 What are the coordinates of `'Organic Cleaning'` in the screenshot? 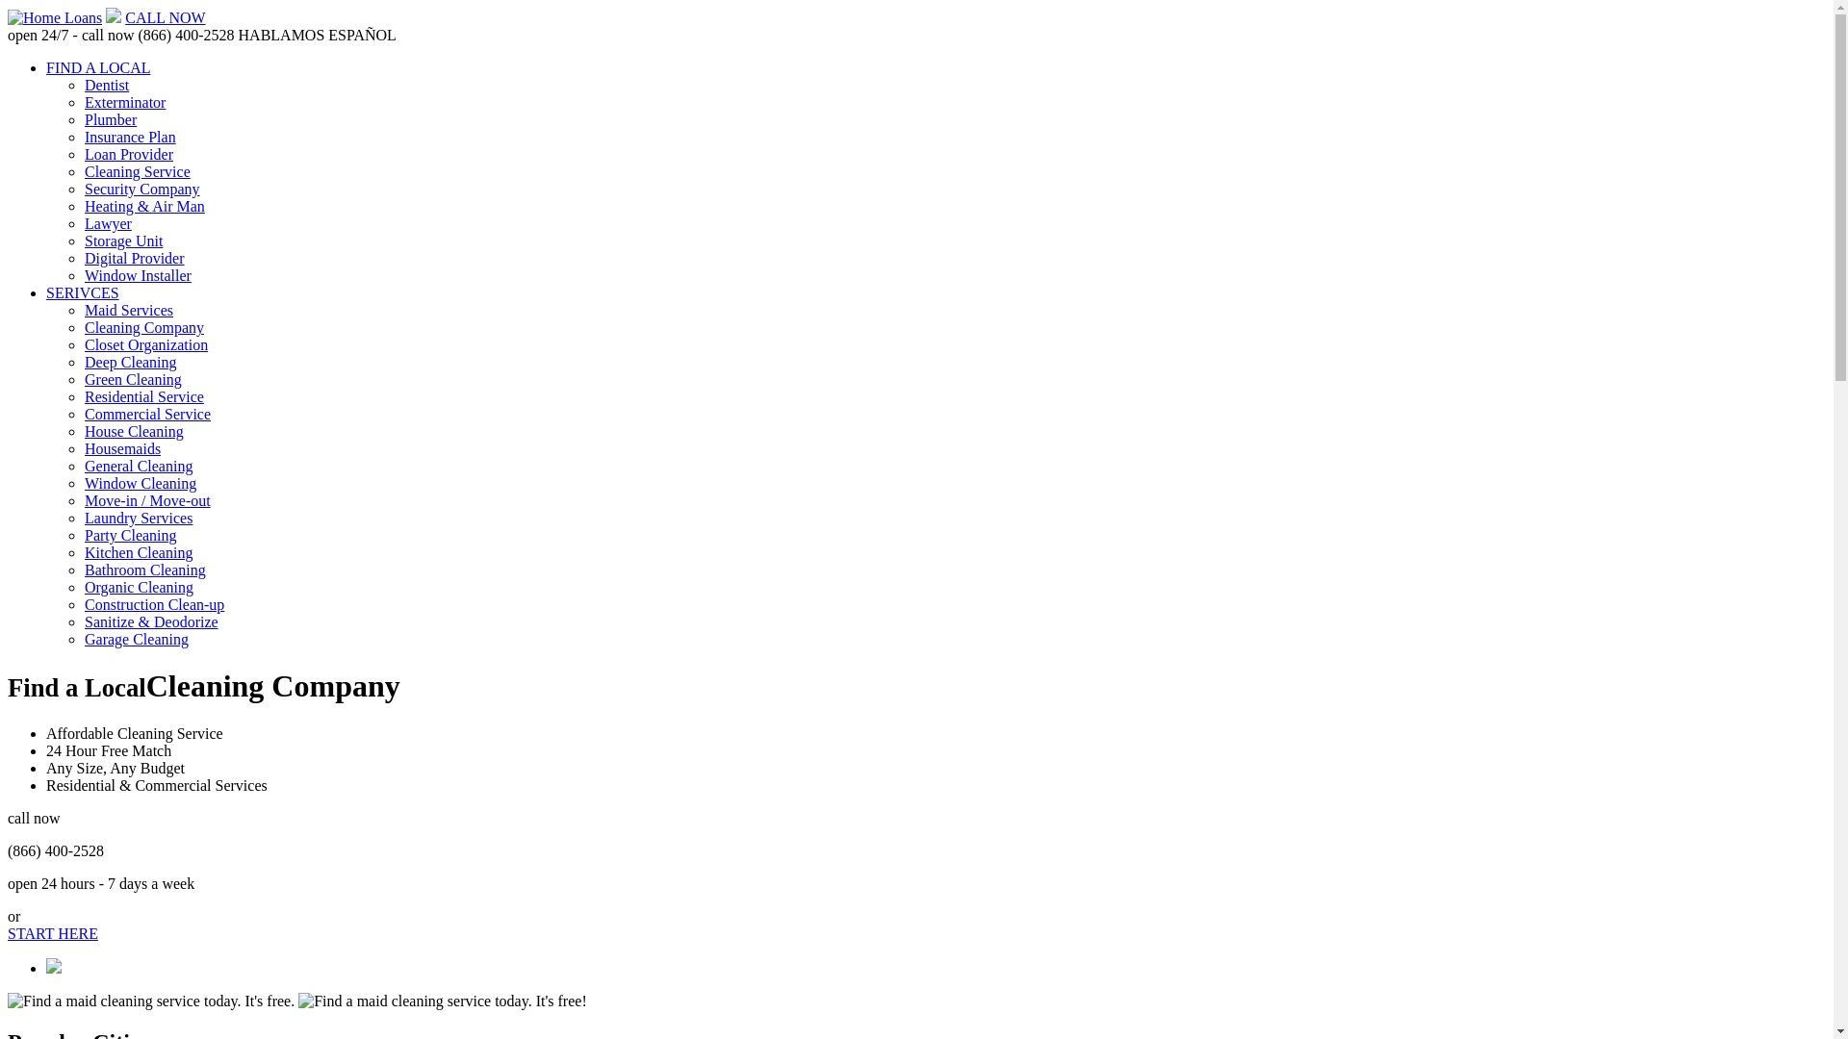 It's located at (138, 586).